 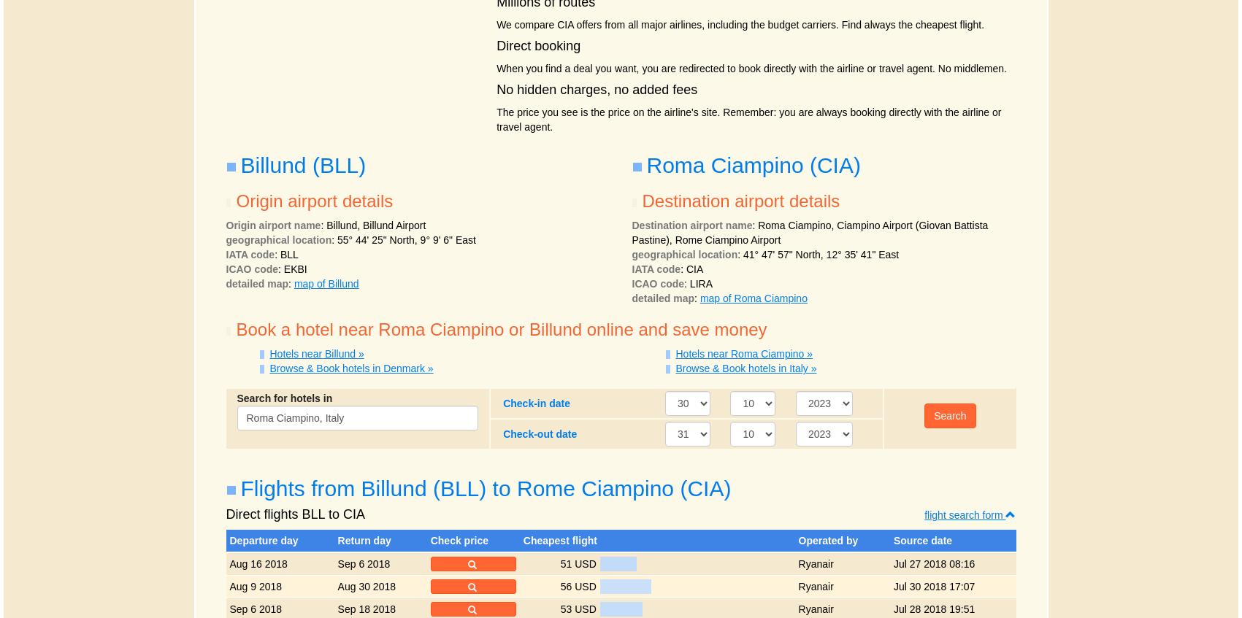 I want to click on 'No hidden charges, no added fees', so click(x=597, y=88).